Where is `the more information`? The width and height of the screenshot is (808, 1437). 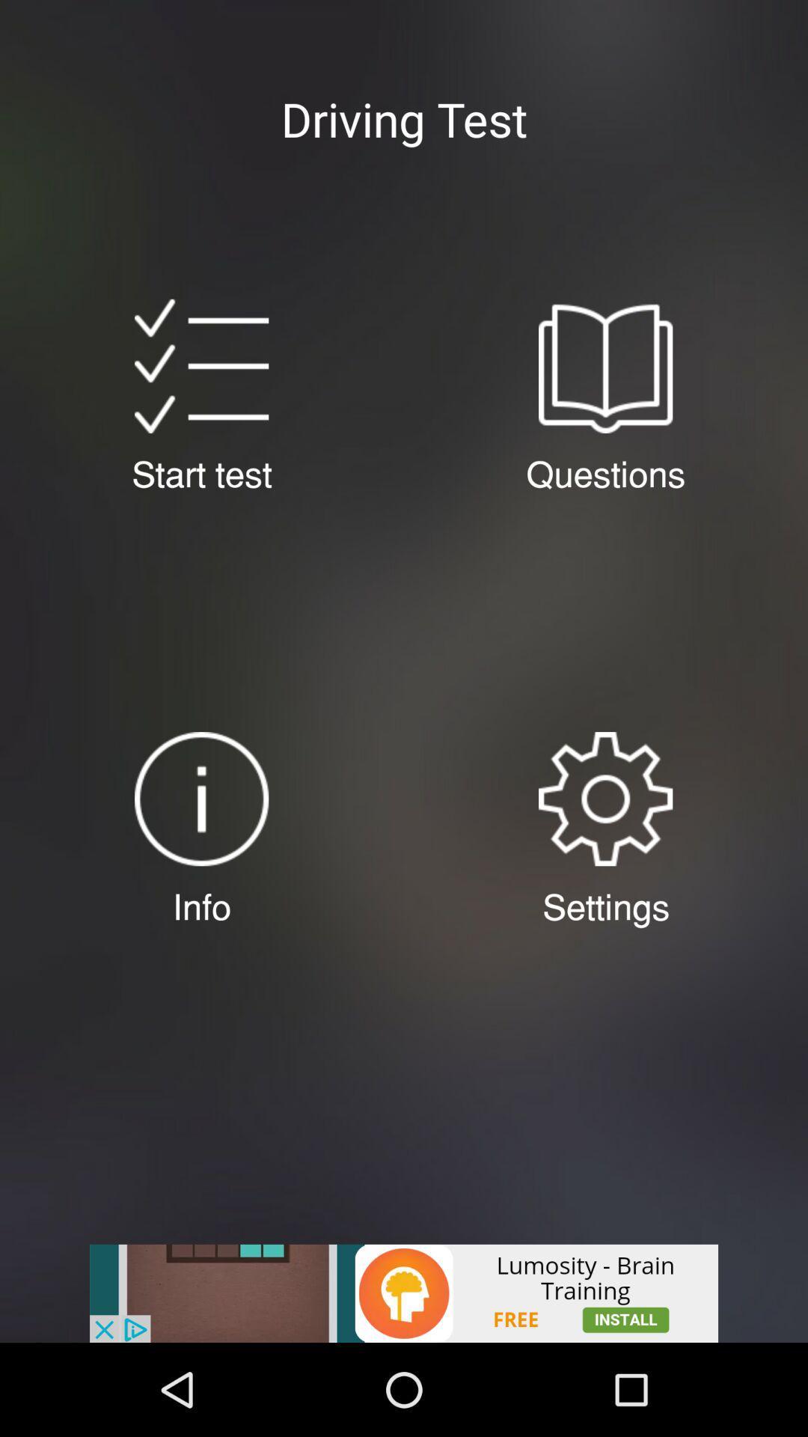
the more information is located at coordinates (201, 798).